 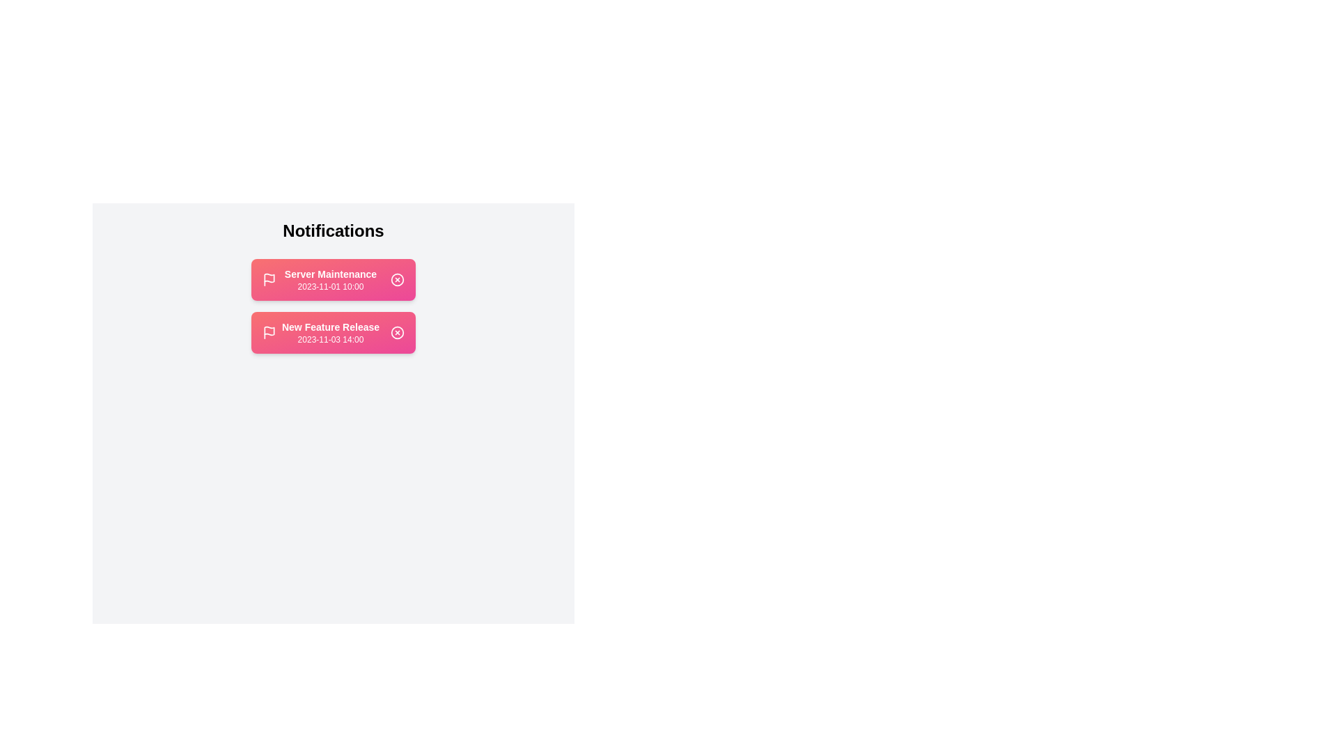 I want to click on remove button for the notification titled 'New Feature Release', so click(x=397, y=333).